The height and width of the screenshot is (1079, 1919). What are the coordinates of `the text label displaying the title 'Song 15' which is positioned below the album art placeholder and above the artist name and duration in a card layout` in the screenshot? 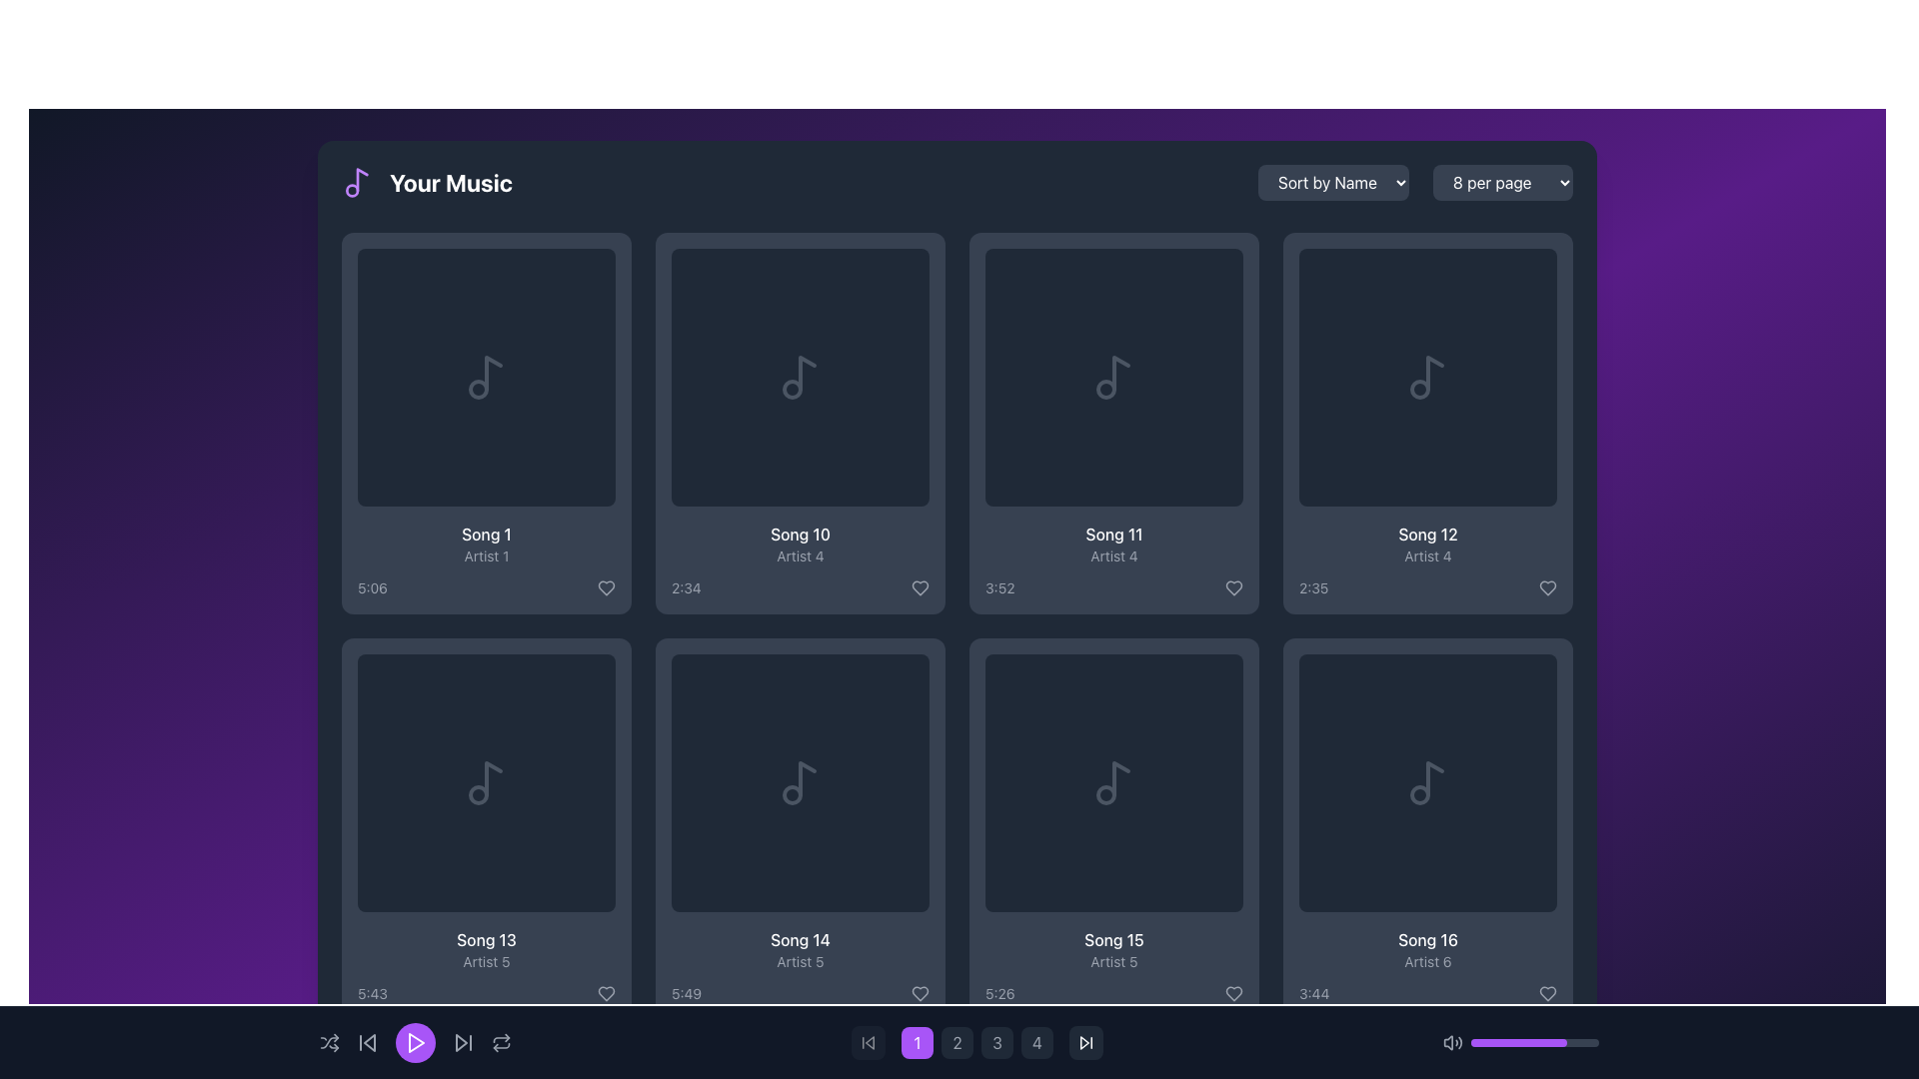 It's located at (1112, 940).